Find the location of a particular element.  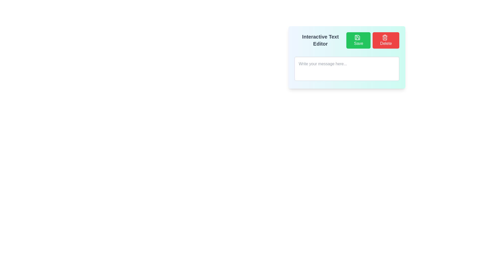

the vertical line of the trash bin icon, which is part of a wider interface near the 'Delete' button, as it is interactive is located at coordinates (385, 38).